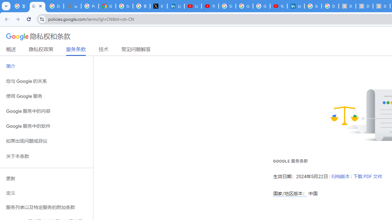  What do you see at coordinates (347, 6) in the screenshot?
I see `'Data Privacy Framework'` at bounding box center [347, 6].